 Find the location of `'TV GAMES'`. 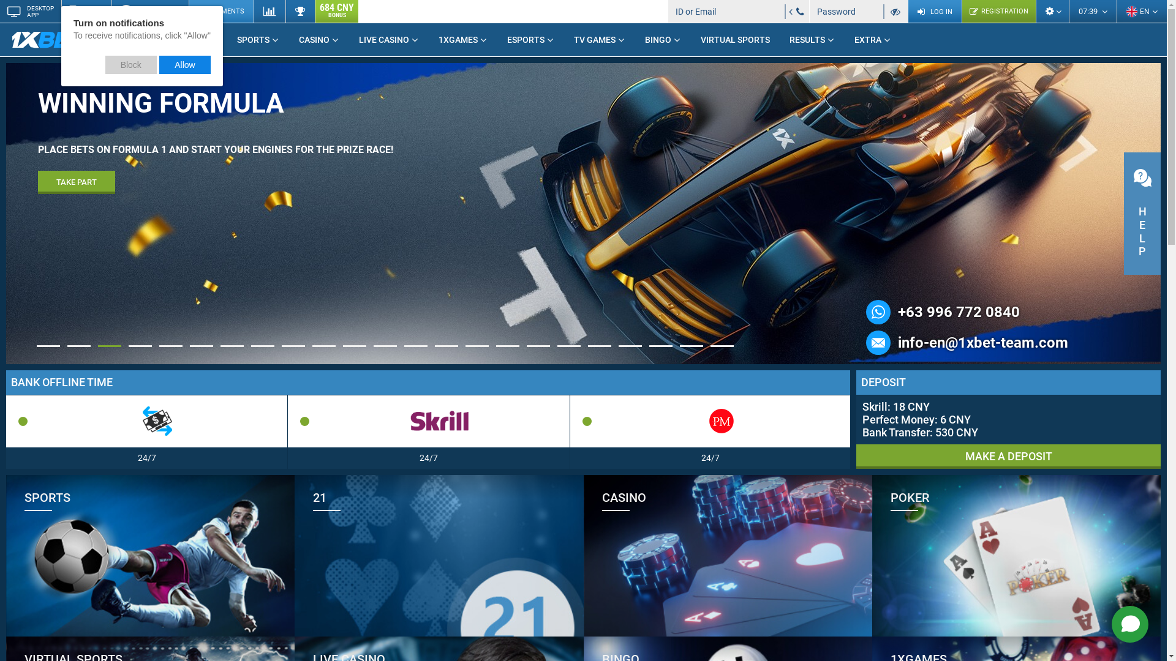

'TV GAMES' is located at coordinates (600, 39).